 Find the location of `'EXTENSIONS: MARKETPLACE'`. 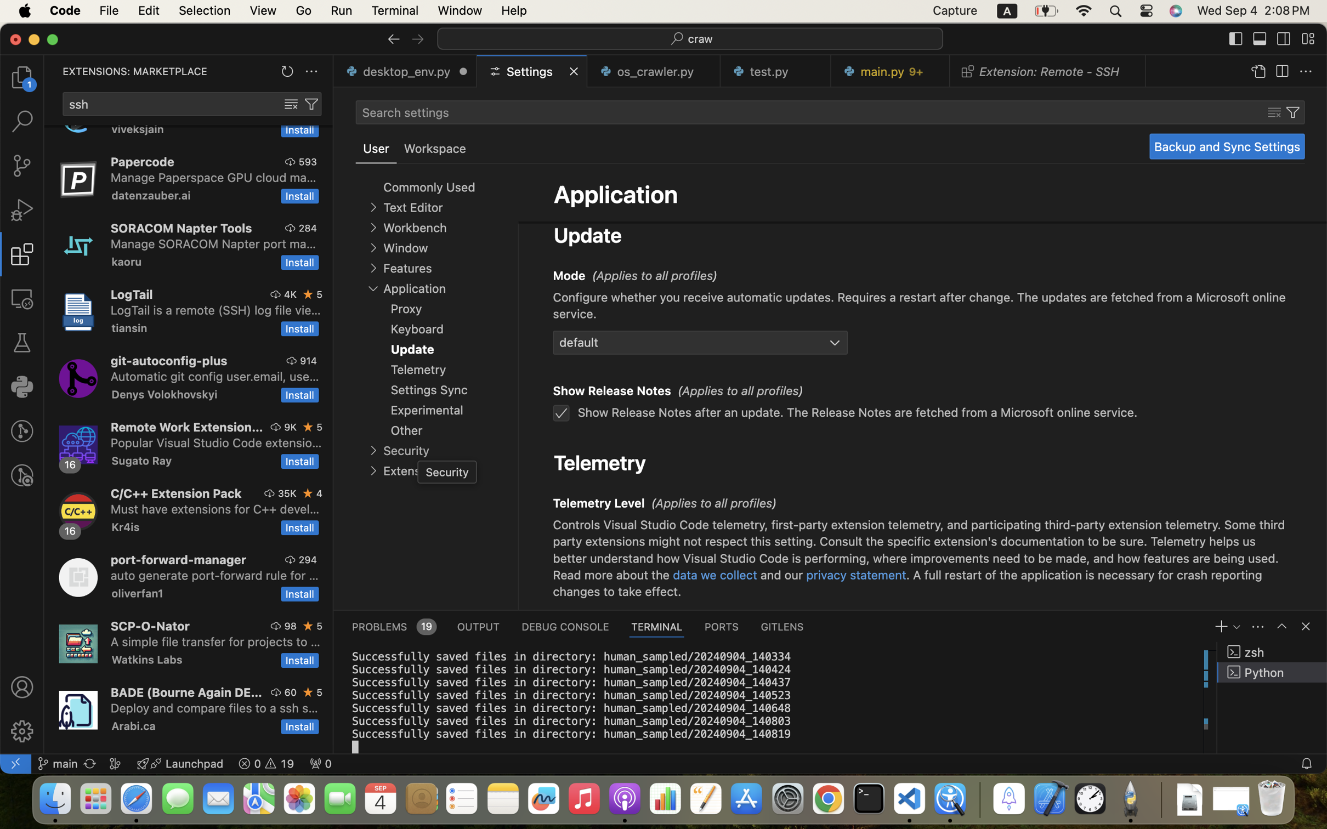

'EXTENSIONS: MARKETPLACE' is located at coordinates (134, 71).